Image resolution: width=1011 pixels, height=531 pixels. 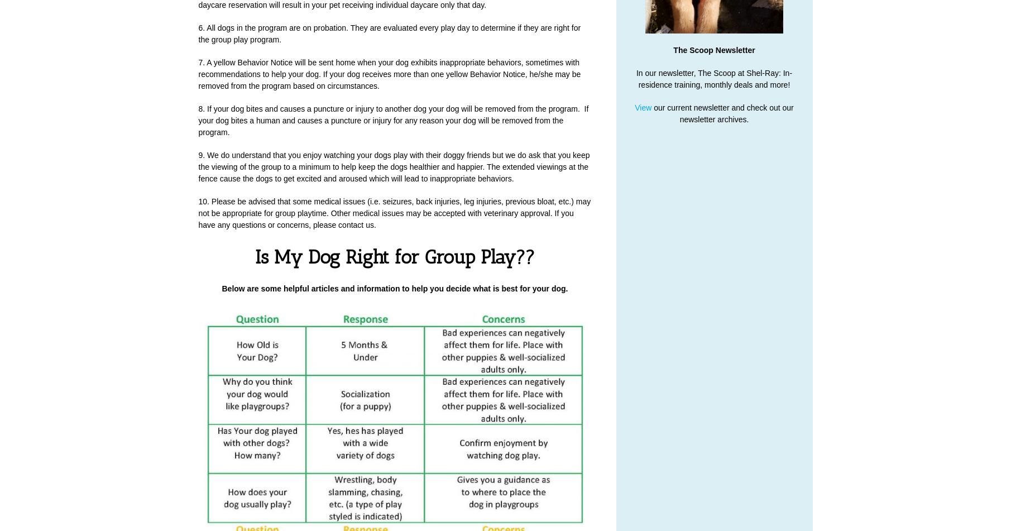 What do you see at coordinates (394, 288) in the screenshot?
I see `'Below are some helpful articles and information to help you decide what is best for your dog.'` at bounding box center [394, 288].